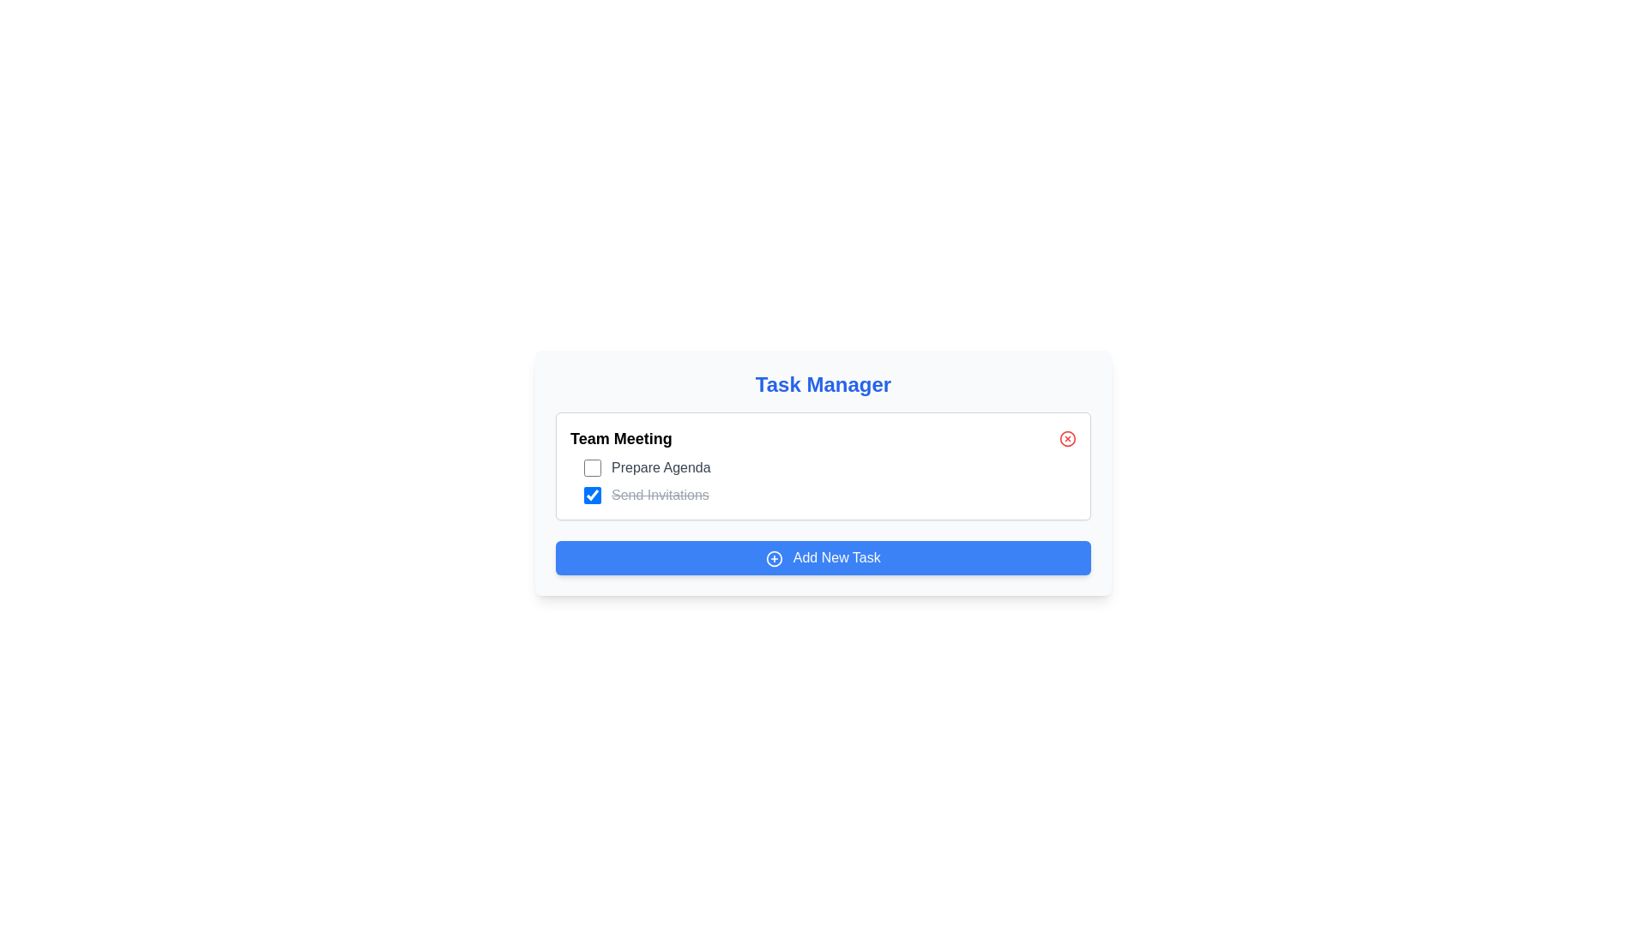  I want to click on the blue circular outline of the 'plus' icon that is centered within the 'Add New Task' button at the bottom of the interface, so click(774, 558).